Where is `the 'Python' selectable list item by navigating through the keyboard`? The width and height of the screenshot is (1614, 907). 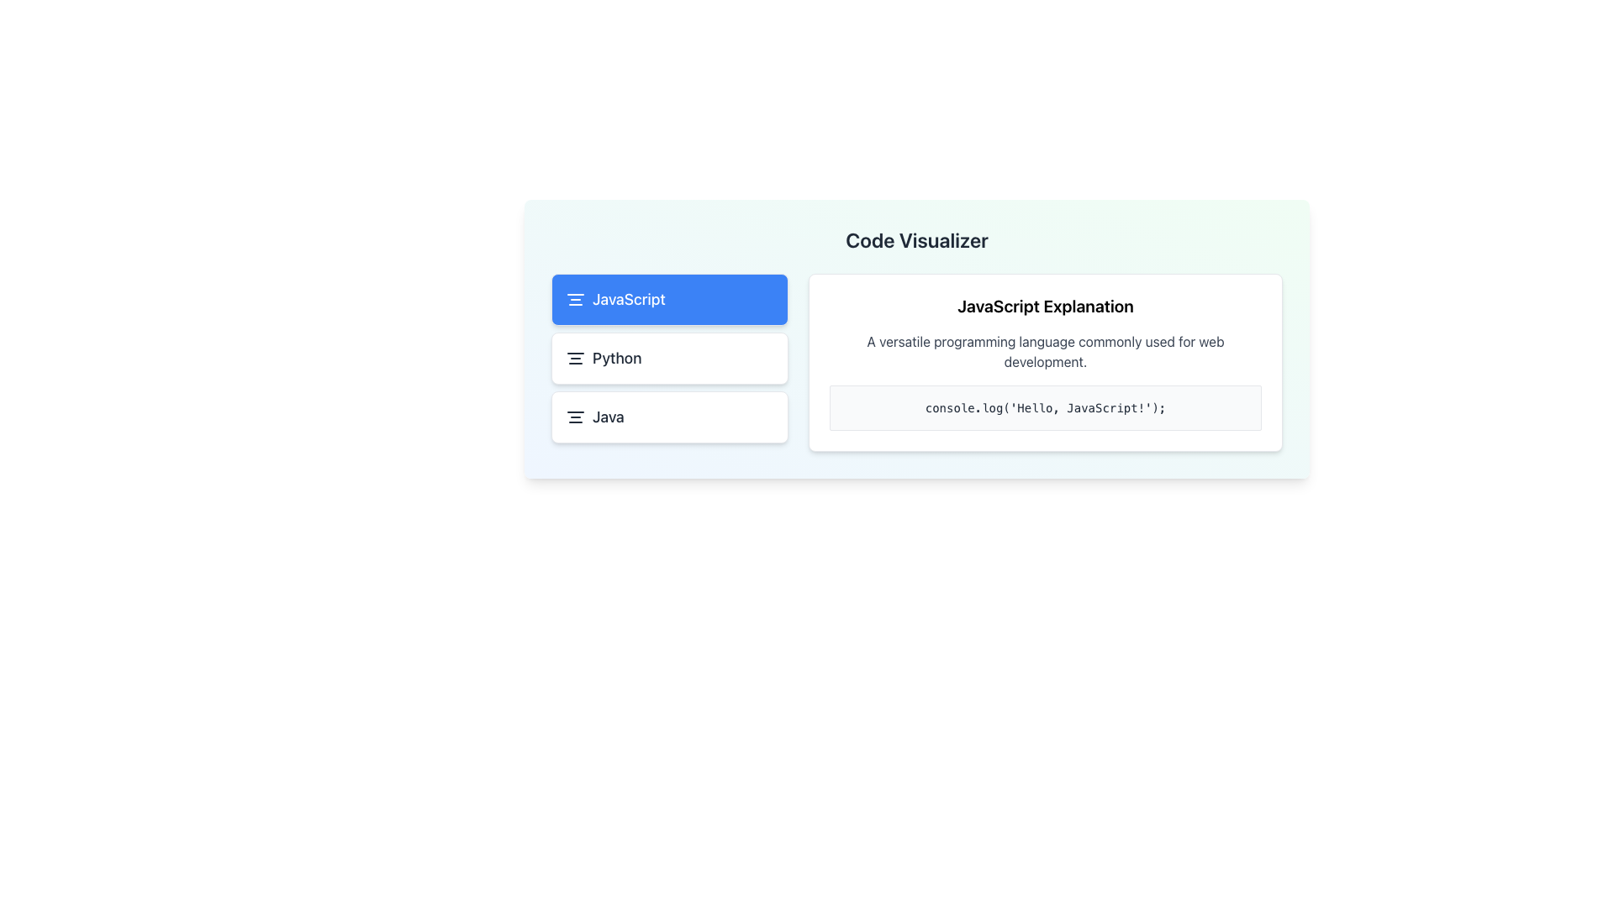 the 'Python' selectable list item by navigating through the keyboard is located at coordinates (668, 358).